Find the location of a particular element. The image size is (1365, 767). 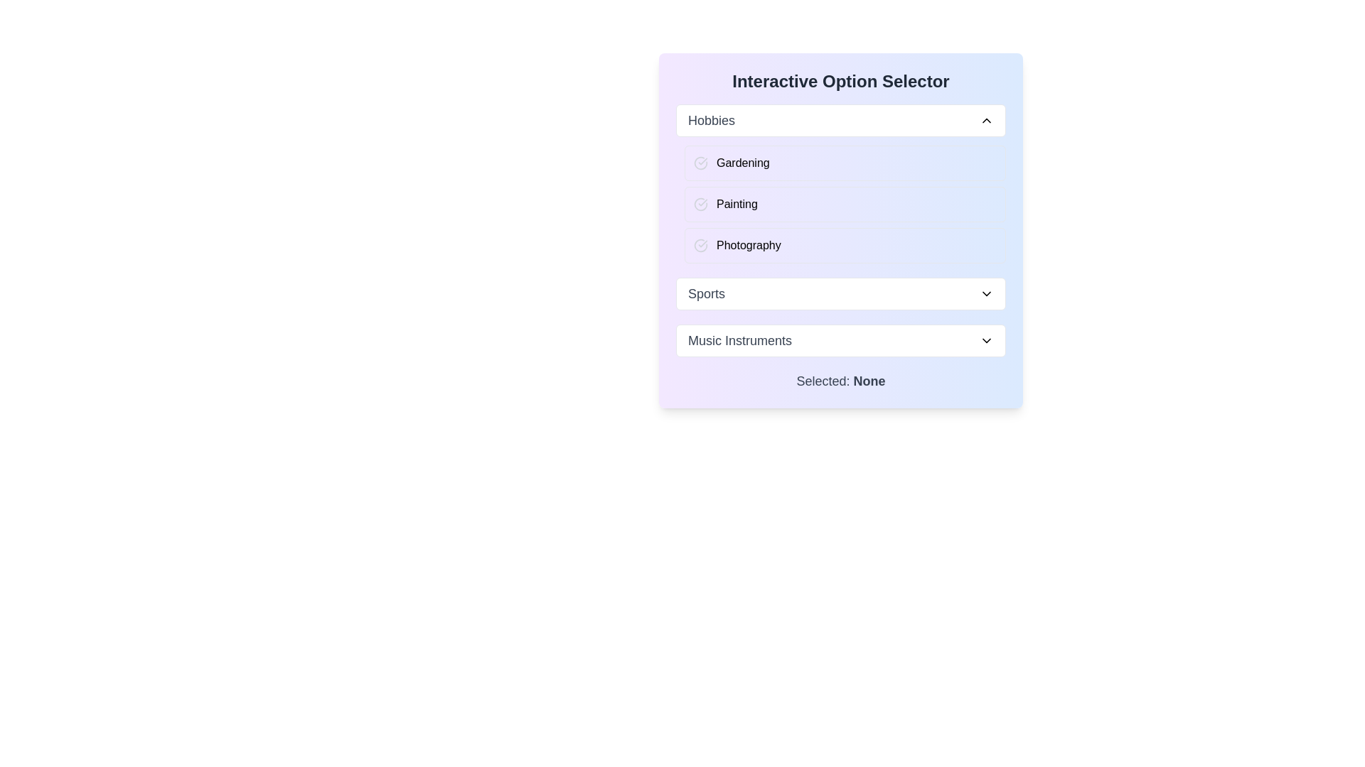

the static text label displaying 'Selected: None', which is centrally positioned at the bottom of the option selector interface is located at coordinates (840, 380).